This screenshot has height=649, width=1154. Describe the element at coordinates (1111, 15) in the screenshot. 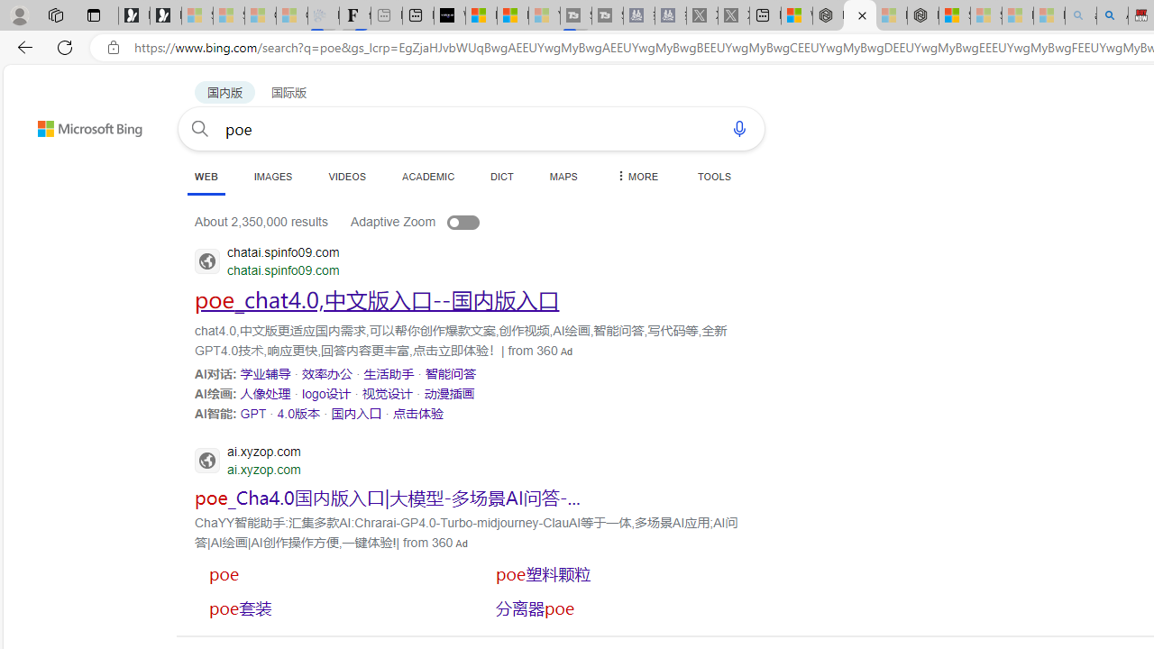

I see `'Amazon Echo Dot PNG - Search Images'` at that location.